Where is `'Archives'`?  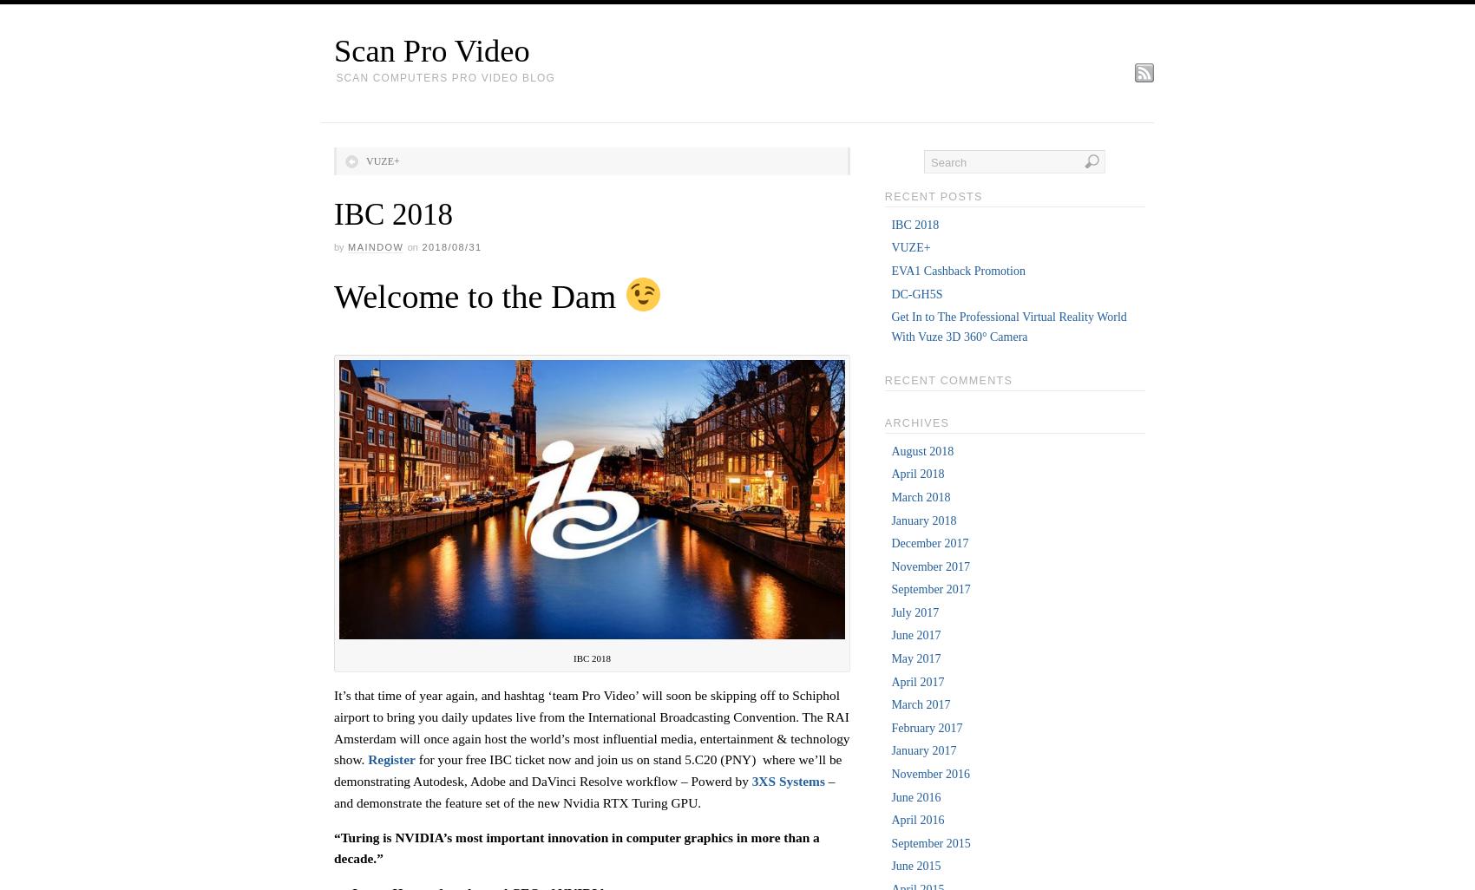 'Archives' is located at coordinates (915, 422).